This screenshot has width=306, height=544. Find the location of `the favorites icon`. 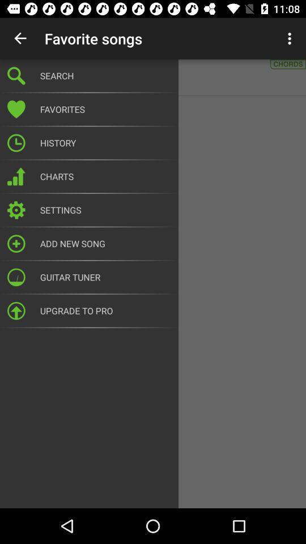

the favorites icon is located at coordinates (105, 109).